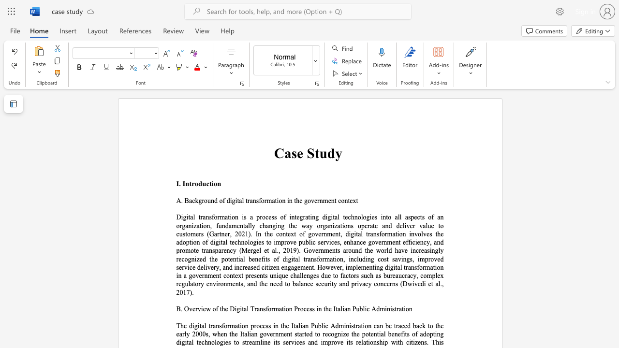 The height and width of the screenshot is (348, 619). I want to click on the subset text "Background of dig" within the text "A. Background of digital transformation in the government context", so click(184, 200).